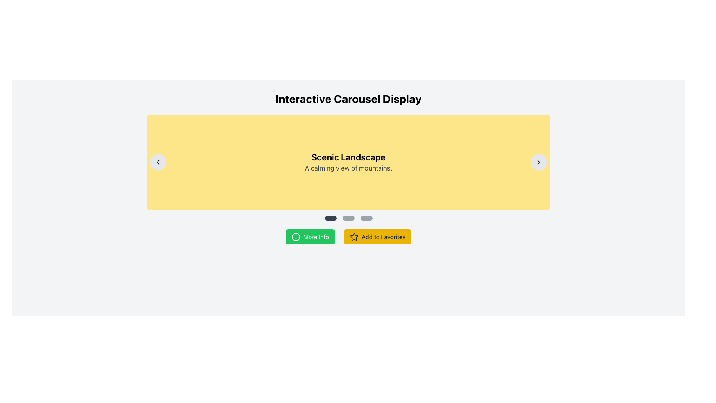  What do you see at coordinates (348, 156) in the screenshot?
I see `the Static Text element that serves as the title for the section, positioned centrally above the descriptive text 'A calming view of mountains.'` at bounding box center [348, 156].